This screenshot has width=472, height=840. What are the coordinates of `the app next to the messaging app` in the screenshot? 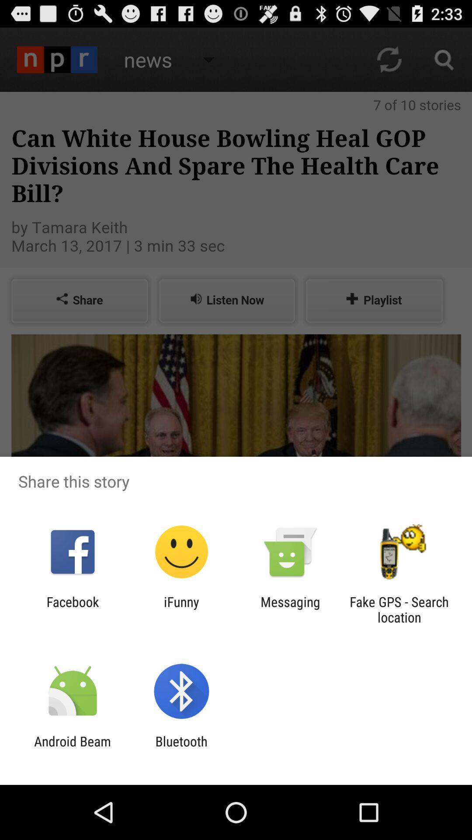 It's located at (399, 609).